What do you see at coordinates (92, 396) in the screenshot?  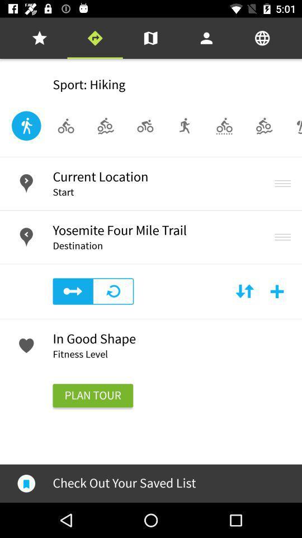 I see `plan tour` at bounding box center [92, 396].